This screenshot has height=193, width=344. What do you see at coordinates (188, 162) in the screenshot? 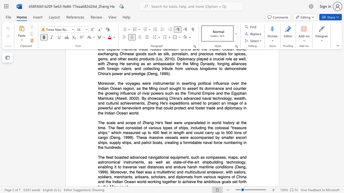
I see `the subset text "the-" within the text "state-of-the-art"` at bounding box center [188, 162].